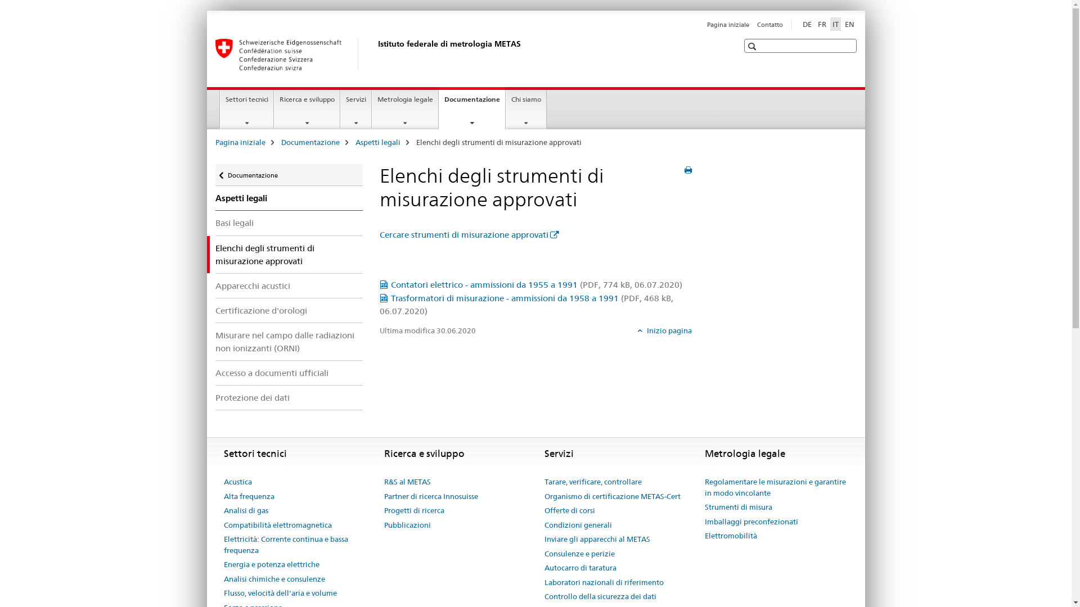  I want to click on 'Documentazione, so click(472, 108).